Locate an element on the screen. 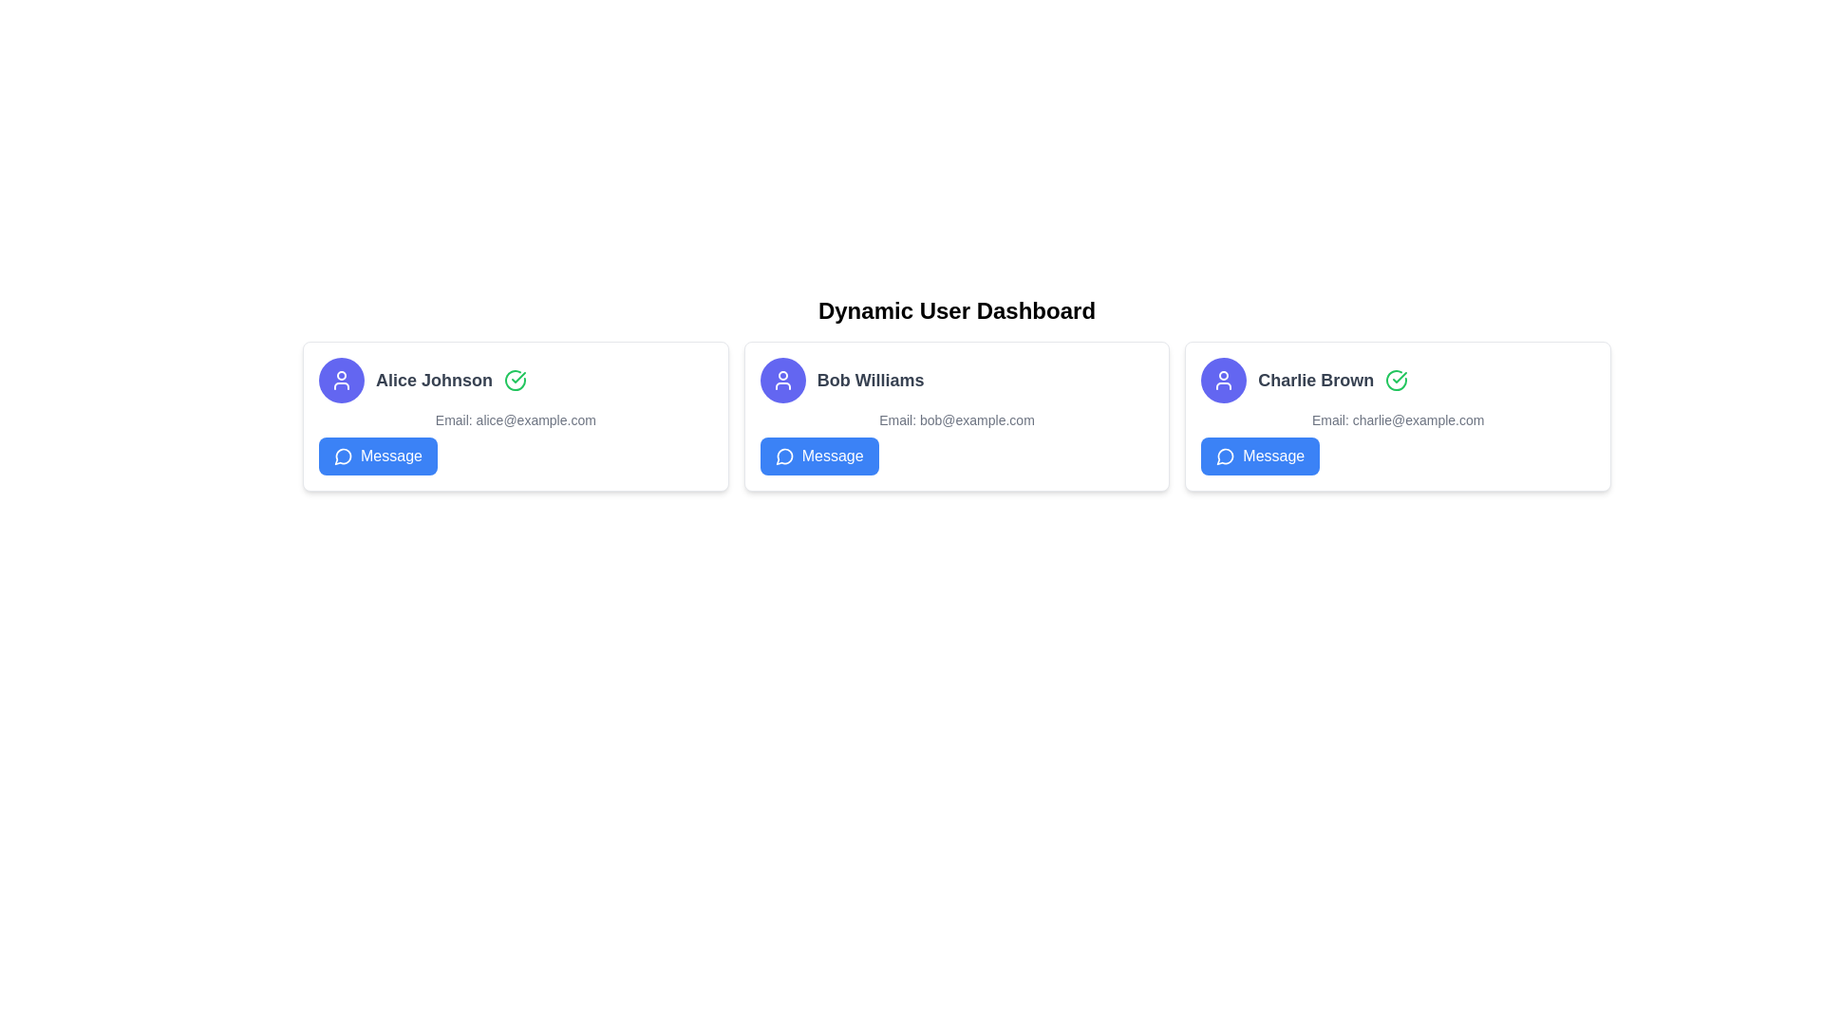 The width and height of the screenshot is (1823, 1025). the 'Message' button in the profile card of user 'Alice Johnson' is located at coordinates (343, 457).